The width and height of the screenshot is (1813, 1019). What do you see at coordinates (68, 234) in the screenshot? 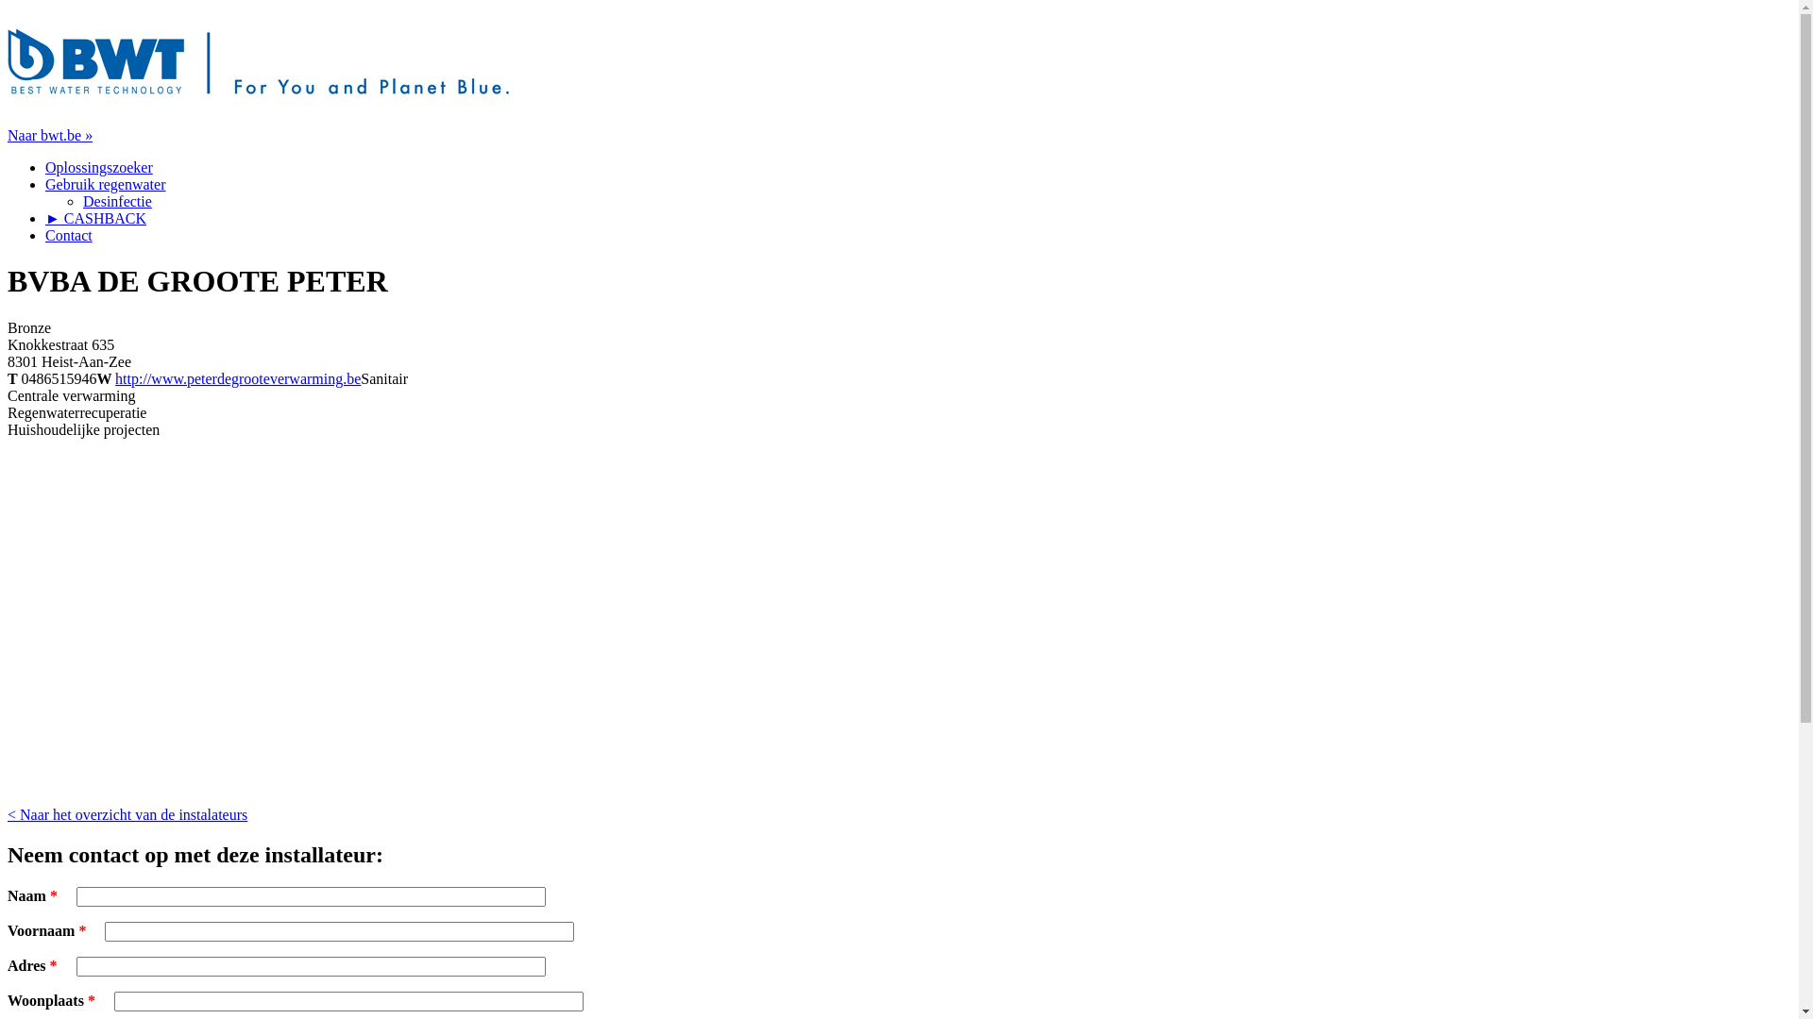
I see `'Contact'` at bounding box center [68, 234].